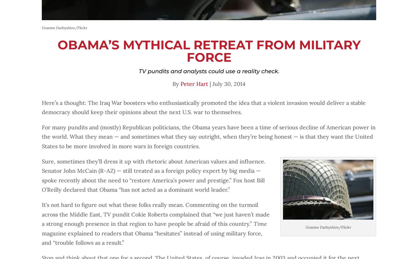 The image size is (418, 259). I want to click on 'Obama’s Mythical Retreat from Military Force', so click(57, 51).